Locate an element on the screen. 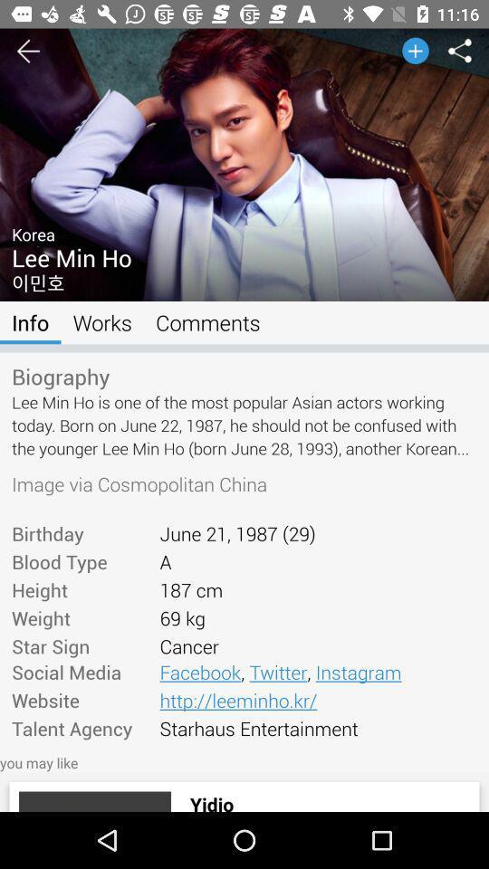 The image size is (489, 869). item next to social media icon is located at coordinates (317, 699).